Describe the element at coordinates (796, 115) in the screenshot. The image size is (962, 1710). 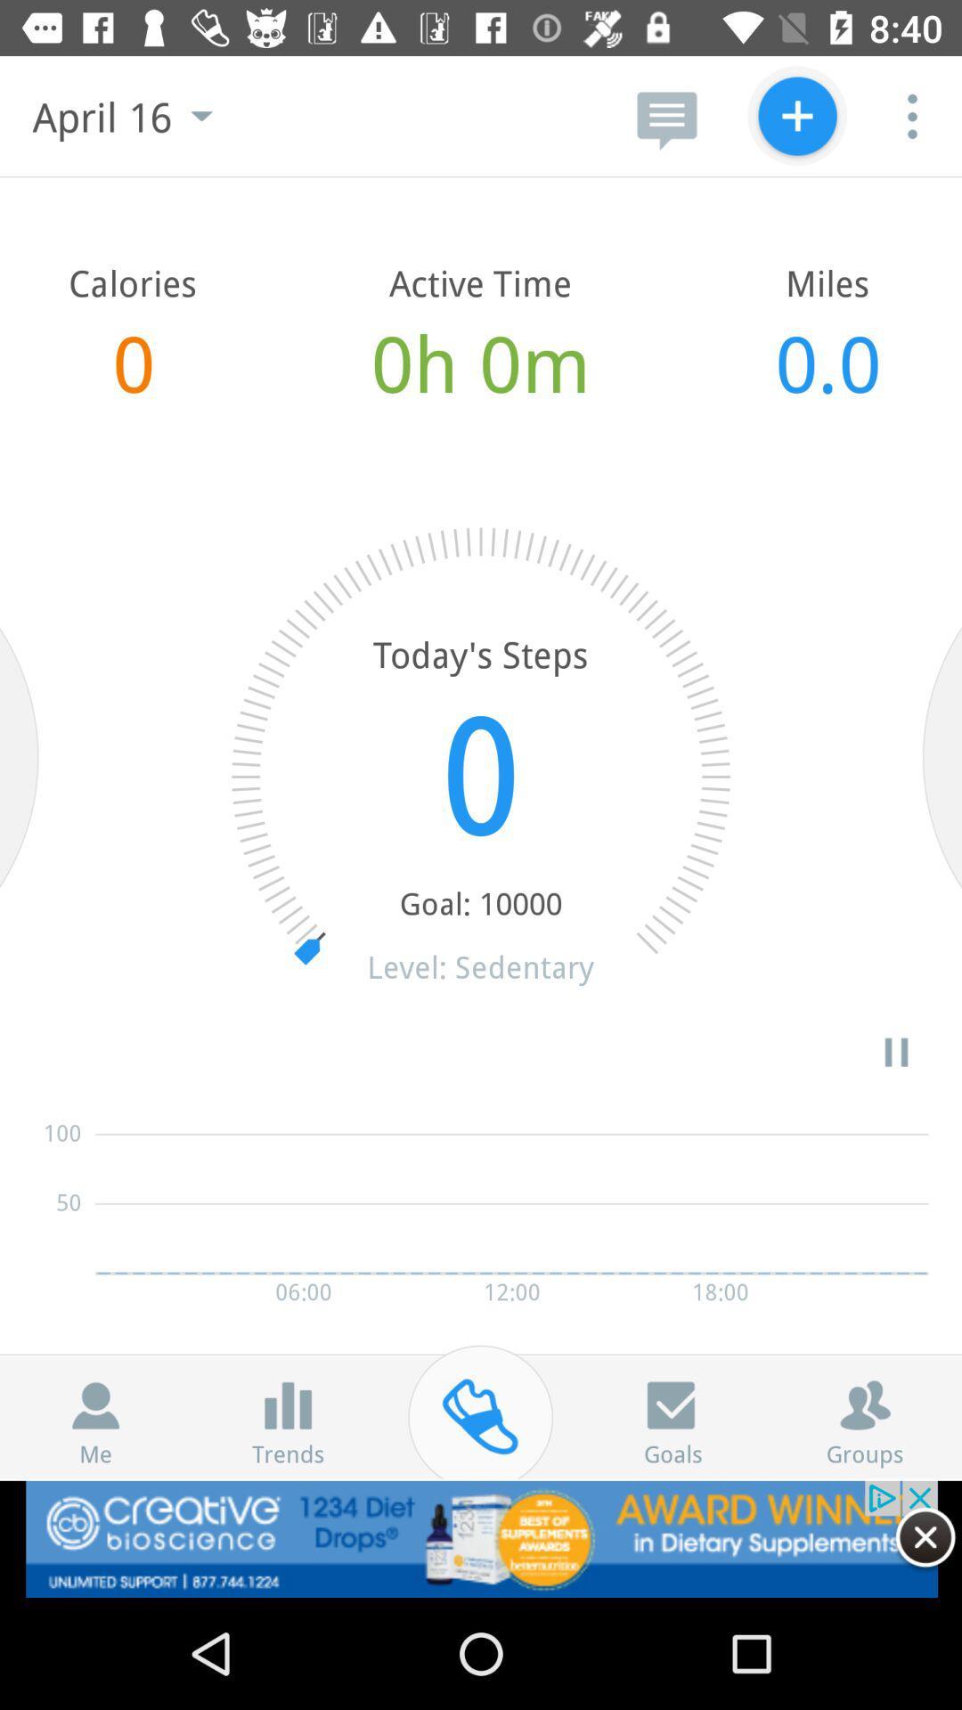
I see `the add icon` at that location.